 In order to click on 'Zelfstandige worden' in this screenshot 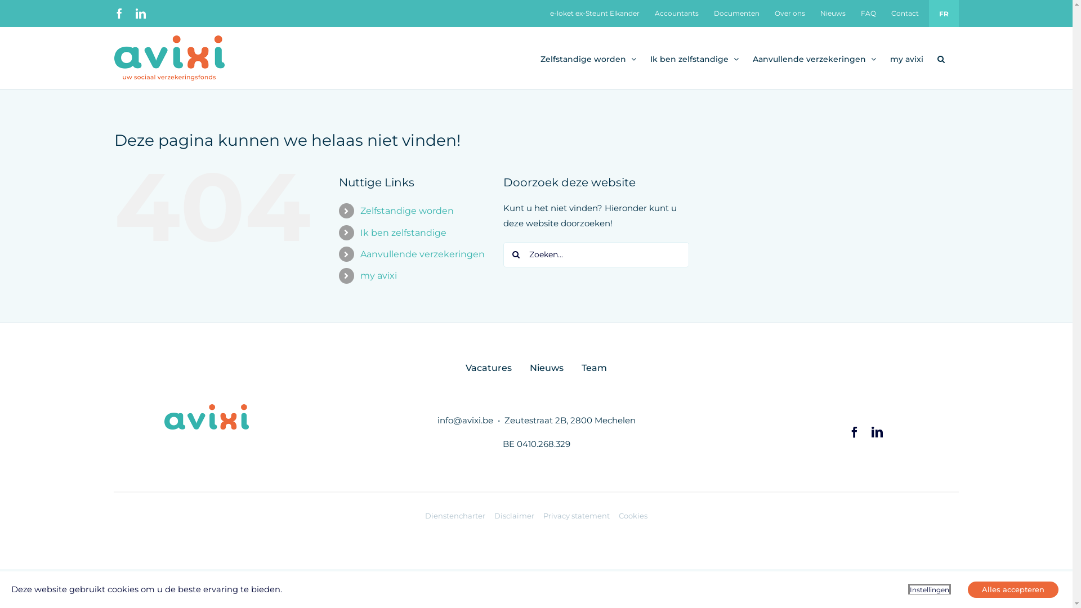, I will do `click(588, 58)`.